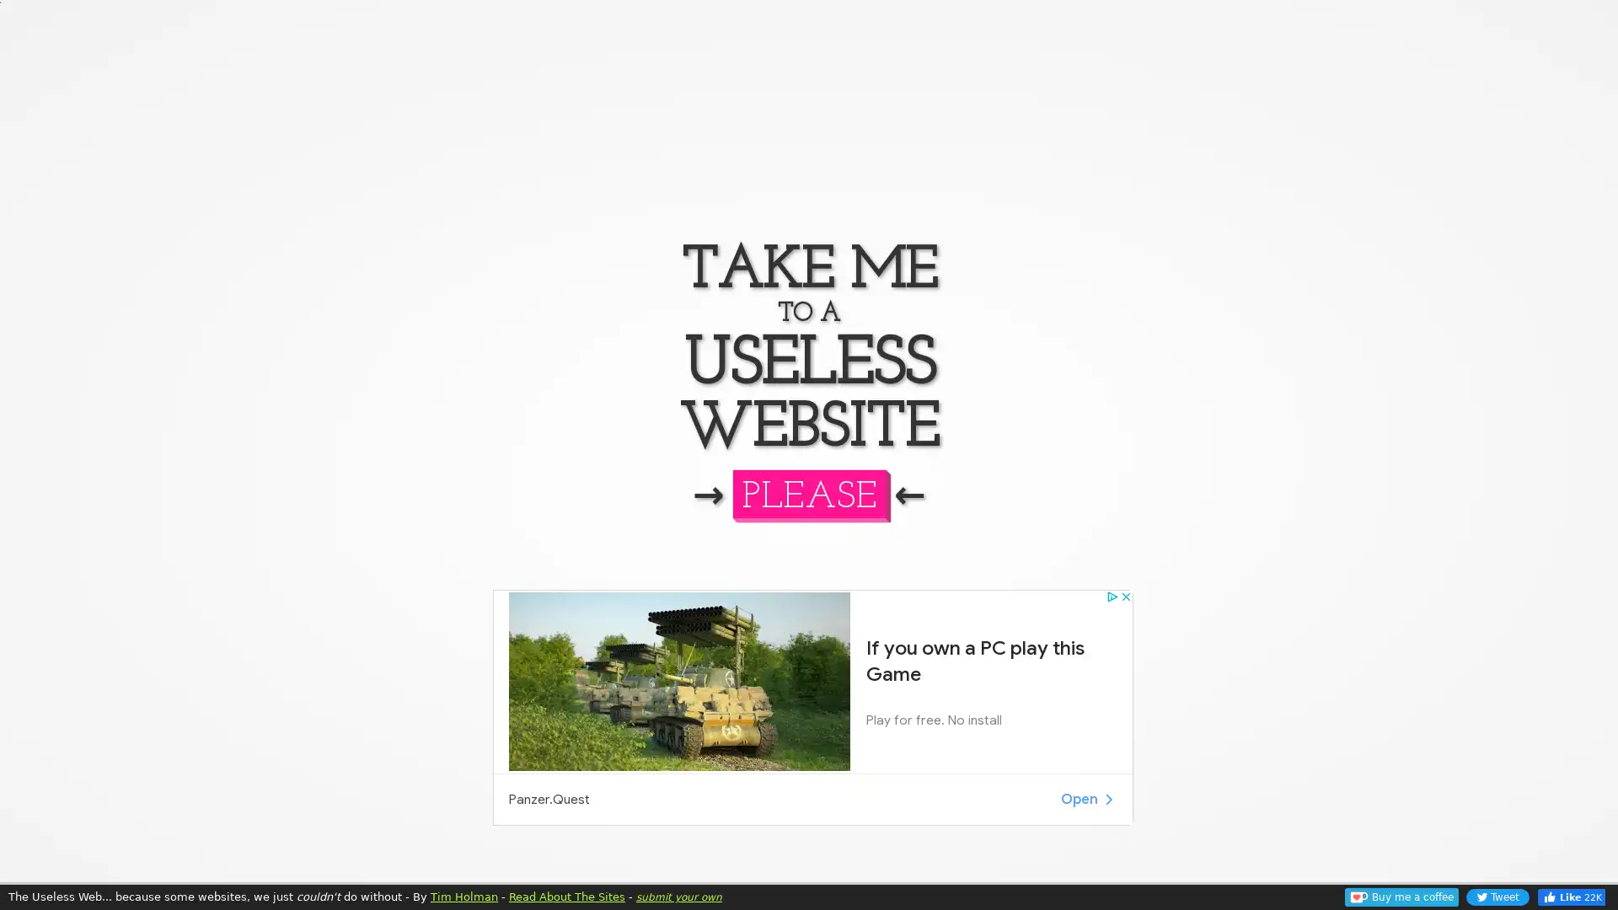  What do you see at coordinates (807, 493) in the screenshot?
I see `PLEASE` at bounding box center [807, 493].